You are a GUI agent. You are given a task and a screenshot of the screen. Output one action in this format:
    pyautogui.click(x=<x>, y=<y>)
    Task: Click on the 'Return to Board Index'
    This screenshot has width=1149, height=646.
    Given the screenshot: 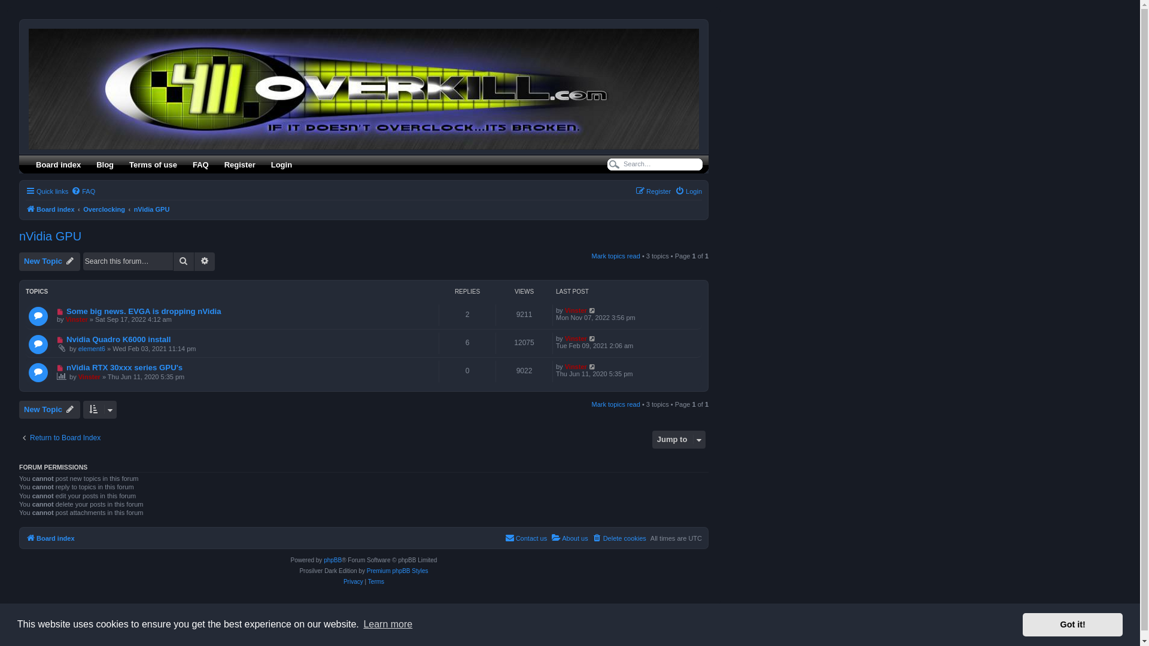 What is the action you would take?
    pyautogui.click(x=59, y=438)
    